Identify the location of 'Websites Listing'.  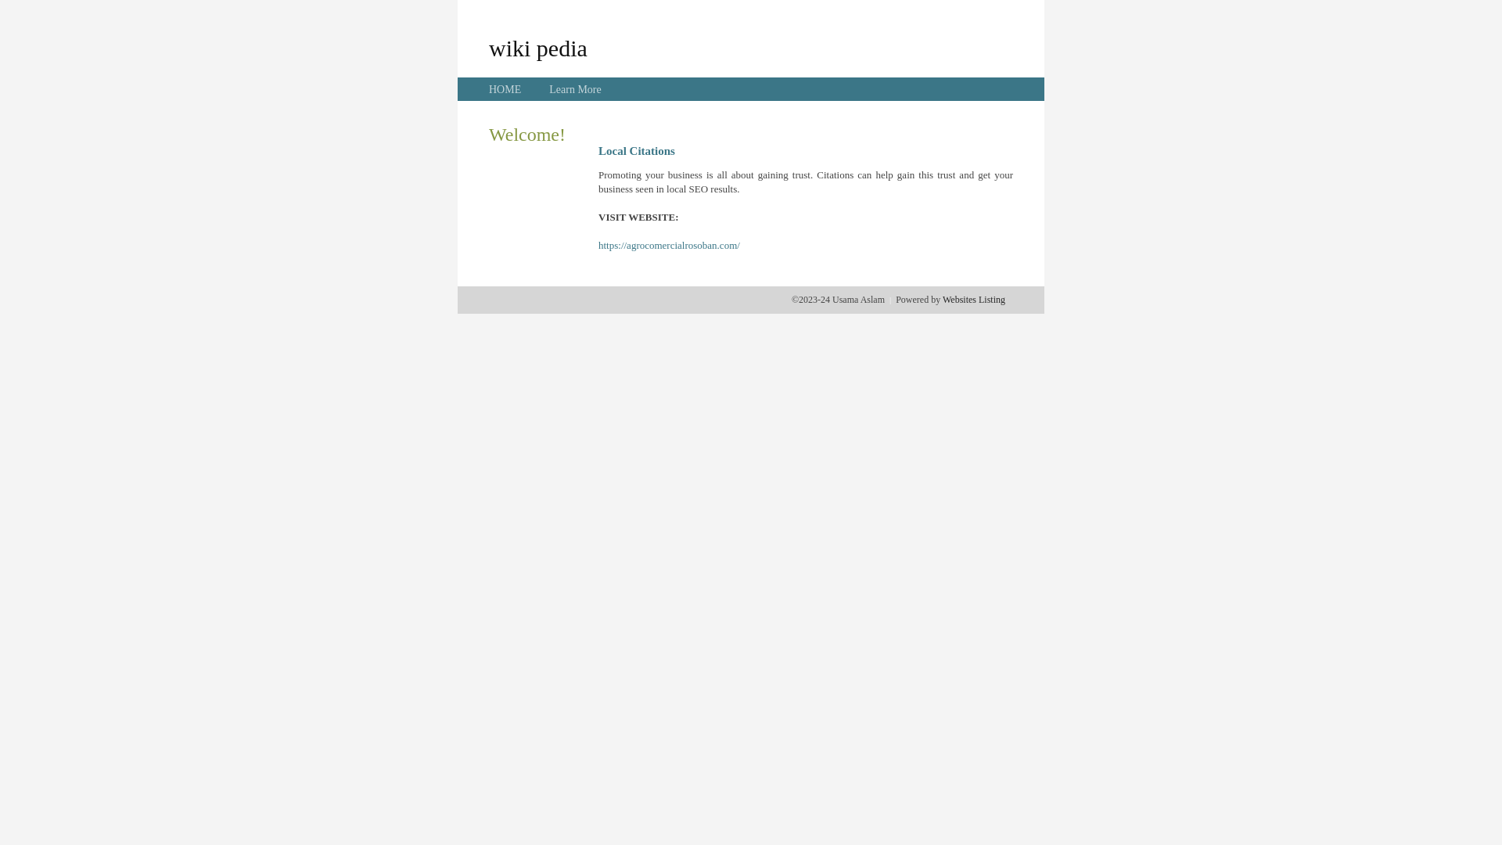
(972, 299).